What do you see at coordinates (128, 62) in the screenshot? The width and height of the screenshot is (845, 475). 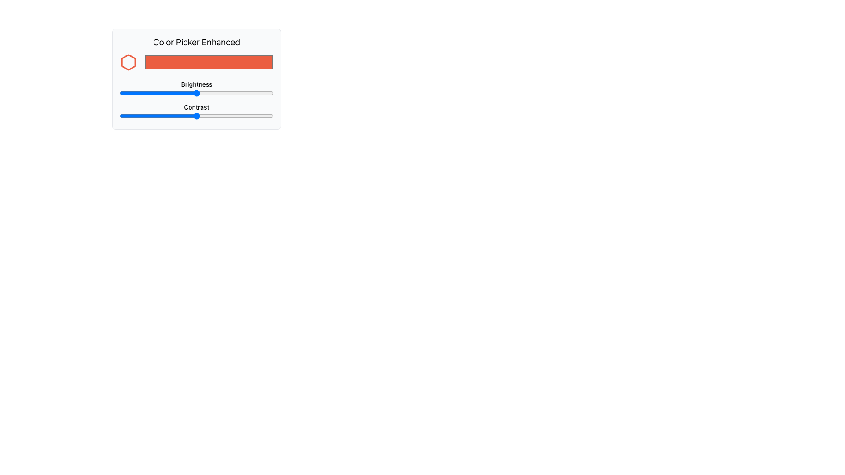 I see `the SVG icon representing the Color Picker Enhanced tool, located in the top-left corner of the card beside the title` at bounding box center [128, 62].